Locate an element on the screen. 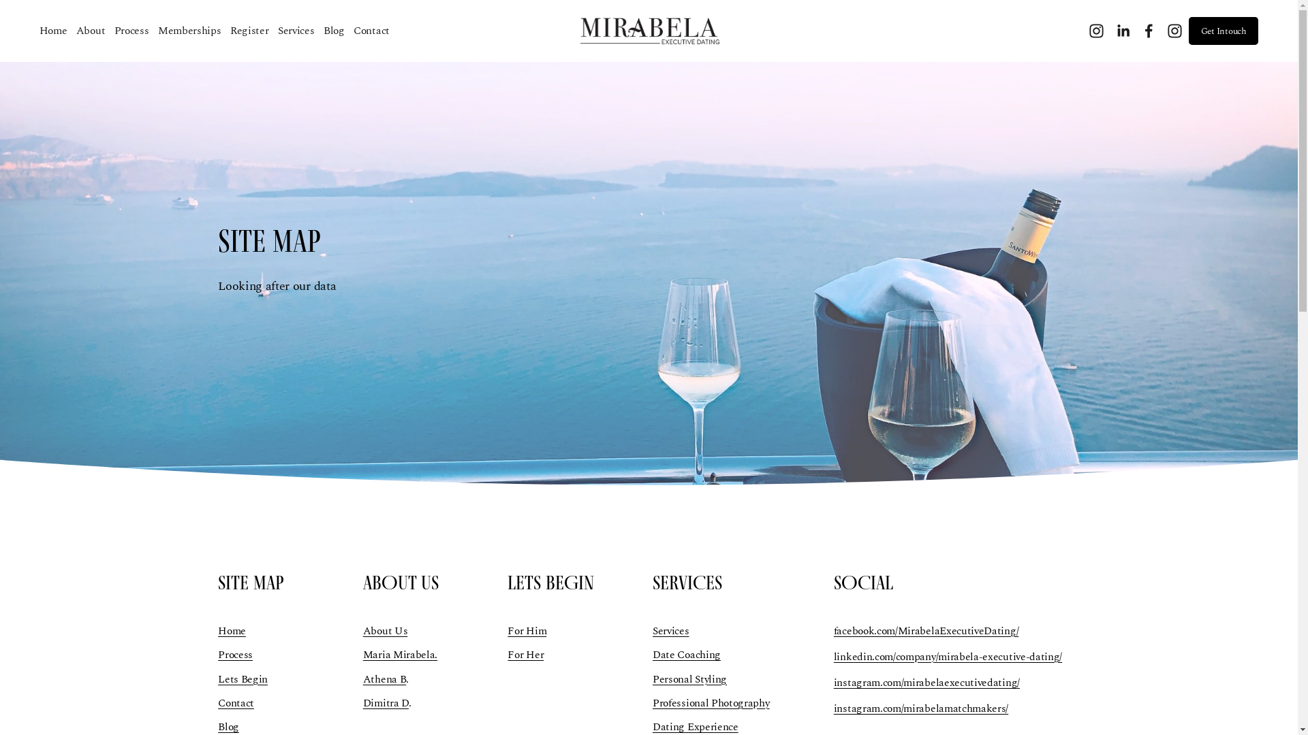 The height and width of the screenshot is (735, 1308). 'Personal Styling' is located at coordinates (689, 679).